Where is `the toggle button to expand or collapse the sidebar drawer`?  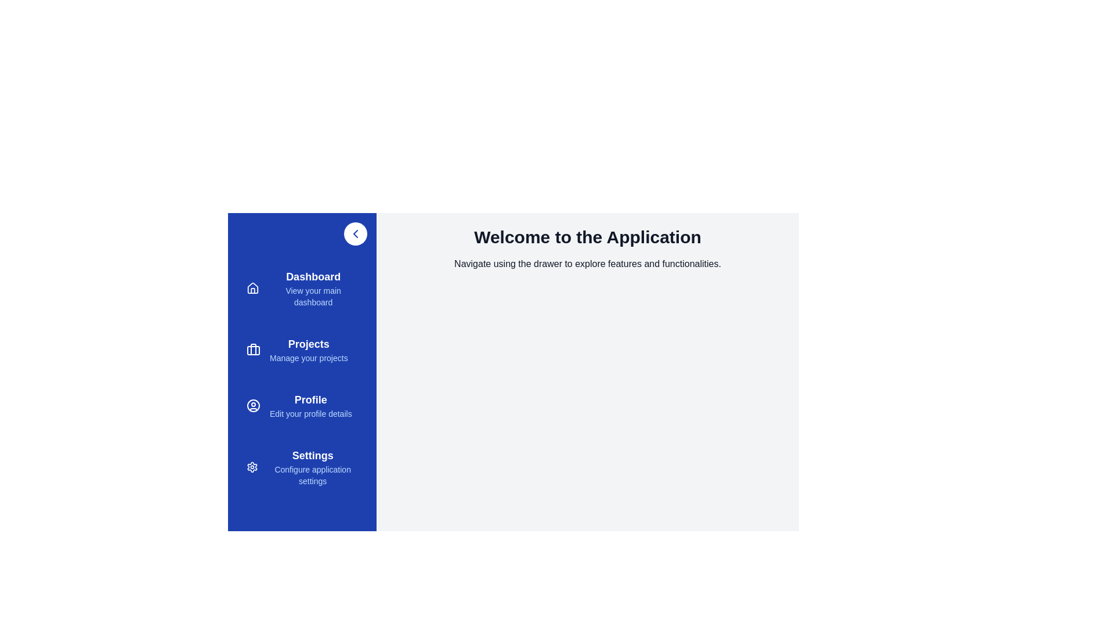
the toggle button to expand or collapse the sidebar drawer is located at coordinates (355, 233).